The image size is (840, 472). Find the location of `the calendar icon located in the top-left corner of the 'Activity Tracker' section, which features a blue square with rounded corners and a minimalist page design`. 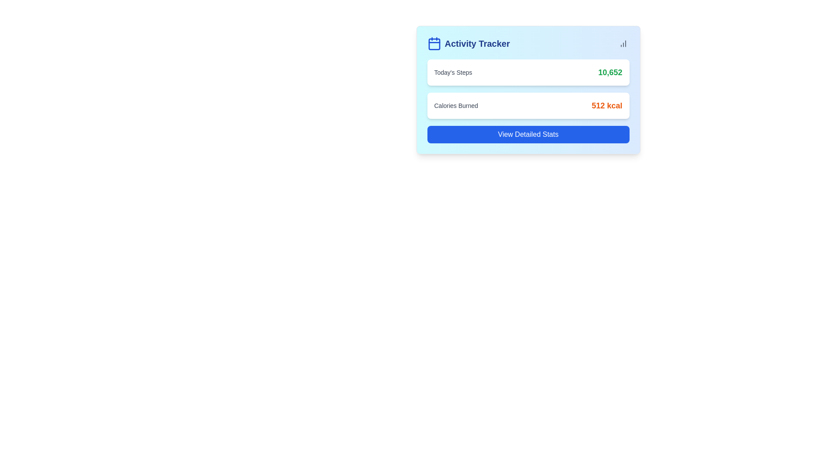

the calendar icon located in the top-left corner of the 'Activity Tracker' section, which features a blue square with rounded corners and a minimalist page design is located at coordinates (434, 44).